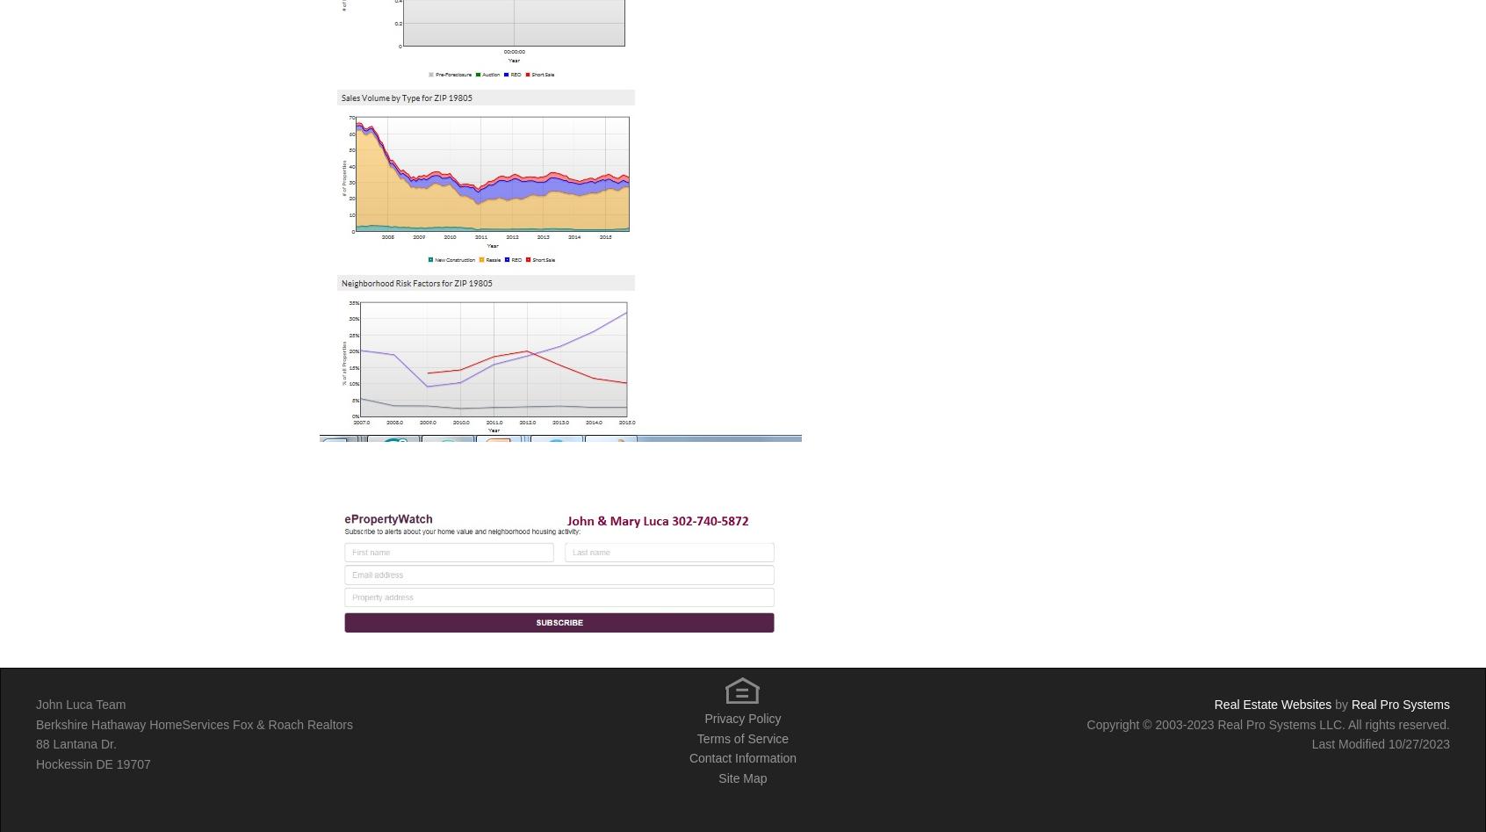  Describe the element at coordinates (742, 737) in the screenshot. I see `'Terms of Service'` at that location.